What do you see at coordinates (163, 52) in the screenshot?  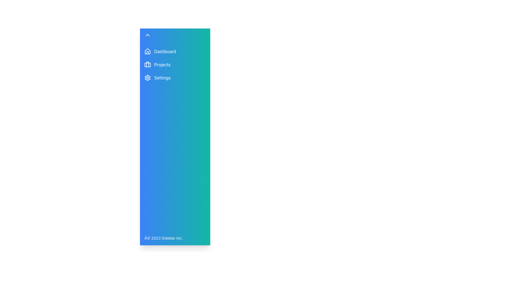 I see `the 'Dashboard' navigation link, which features a minimalistic house icon and white text on a gradient blue background, located at the top of the vertical navigation bar` at bounding box center [163, 52].